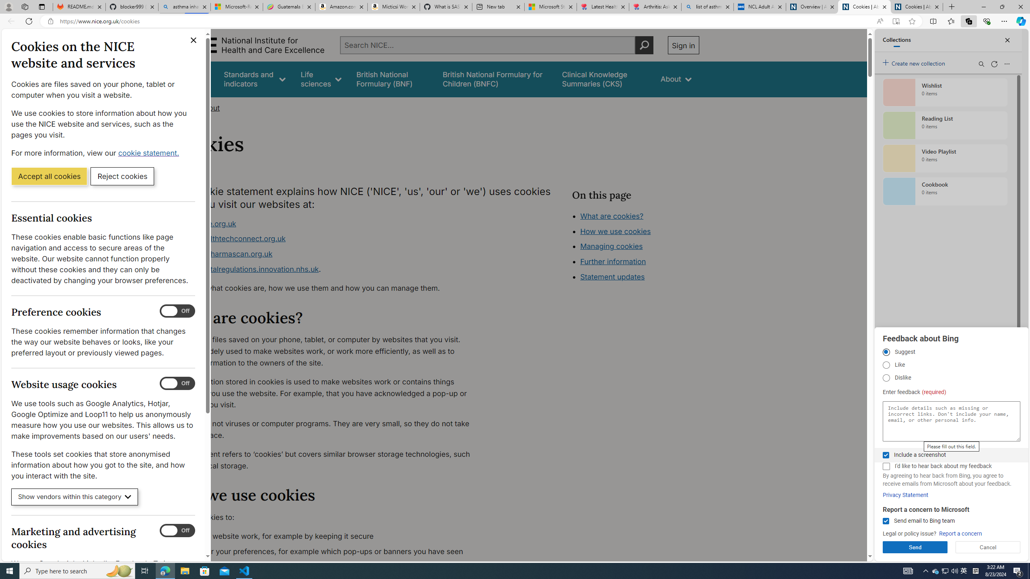 Image resolution: width=1030 pixels, height=579 pixels. Describe the element at coordinates (886, 378) in the screenshot. I see `'Dislike'` at that location.